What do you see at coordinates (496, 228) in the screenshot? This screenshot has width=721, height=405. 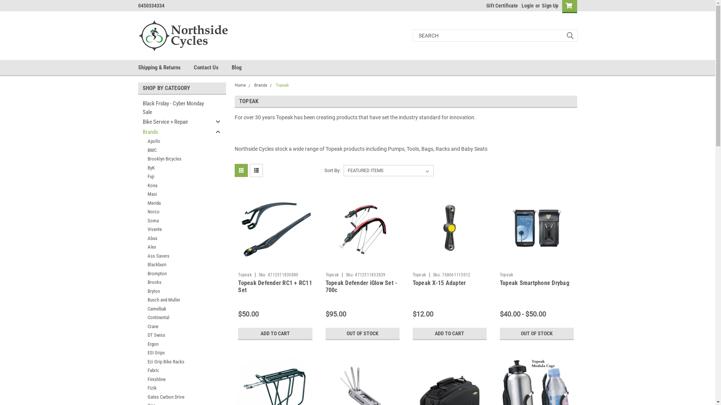 I see `'Topeak Smartphone Drybag'` at bounding box center [496, 228].